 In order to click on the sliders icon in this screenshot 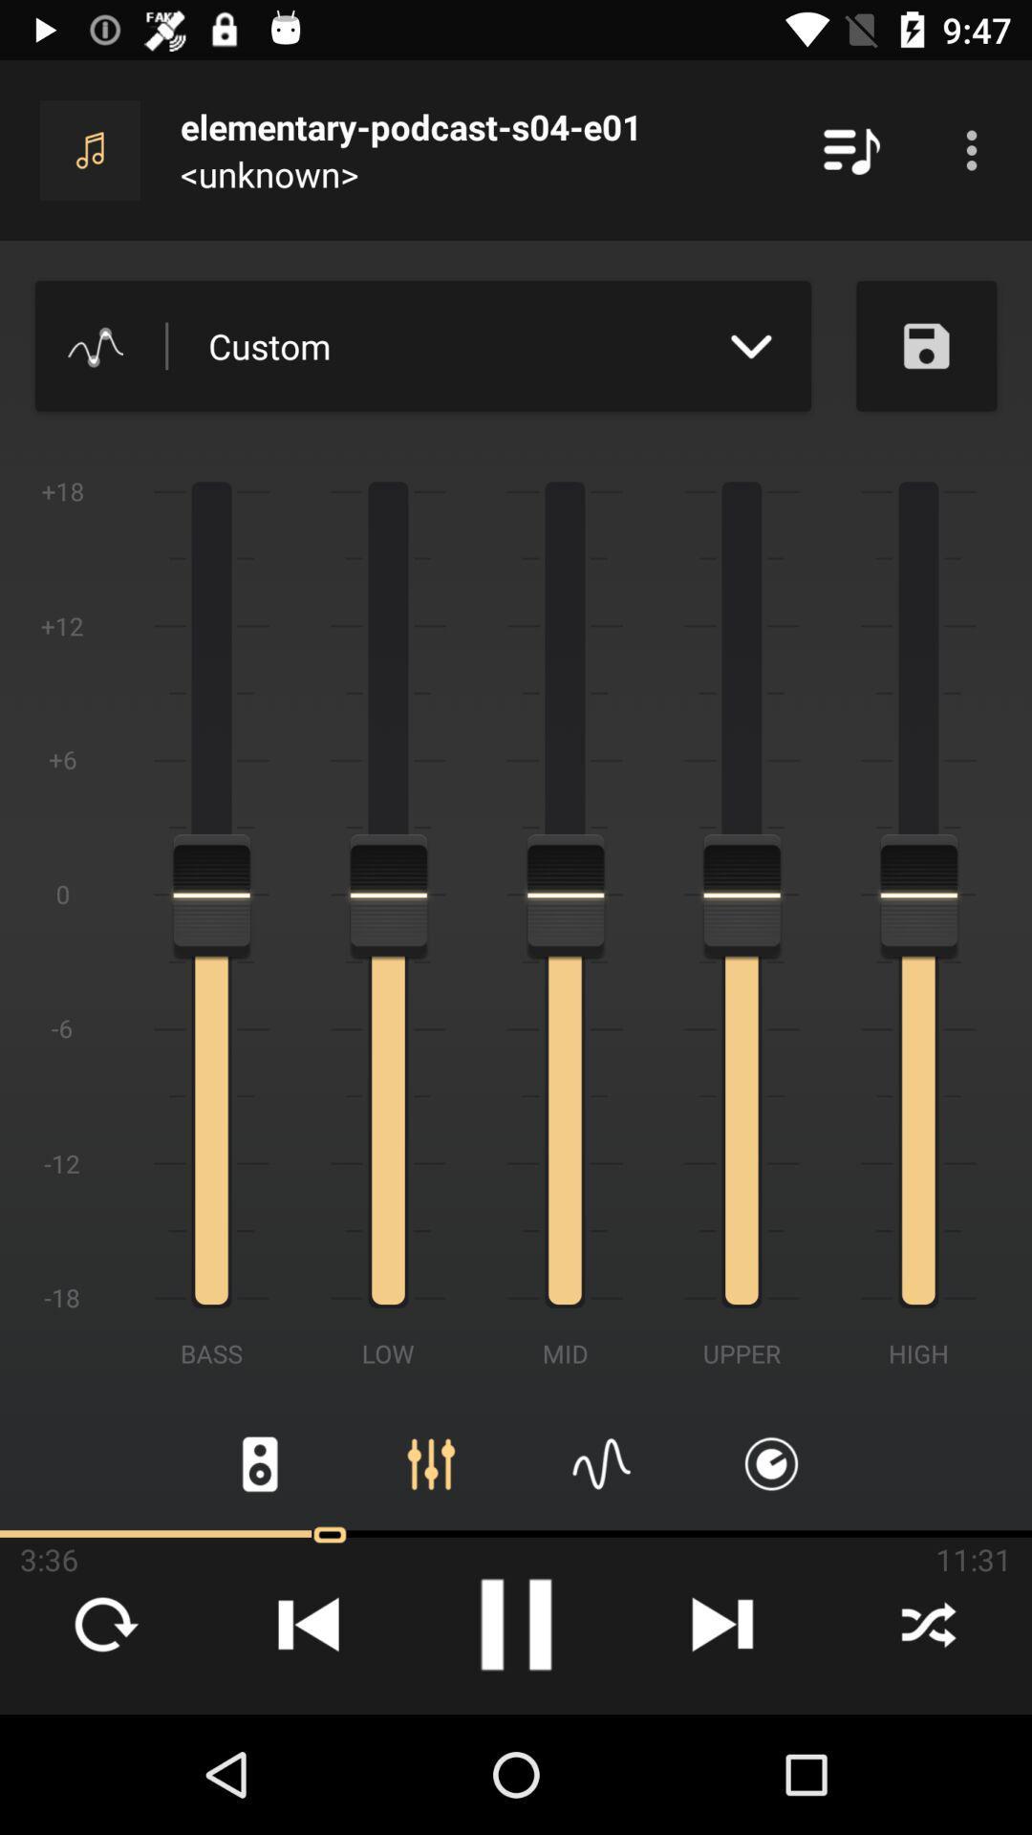, I will do `click(430, 1462)`.